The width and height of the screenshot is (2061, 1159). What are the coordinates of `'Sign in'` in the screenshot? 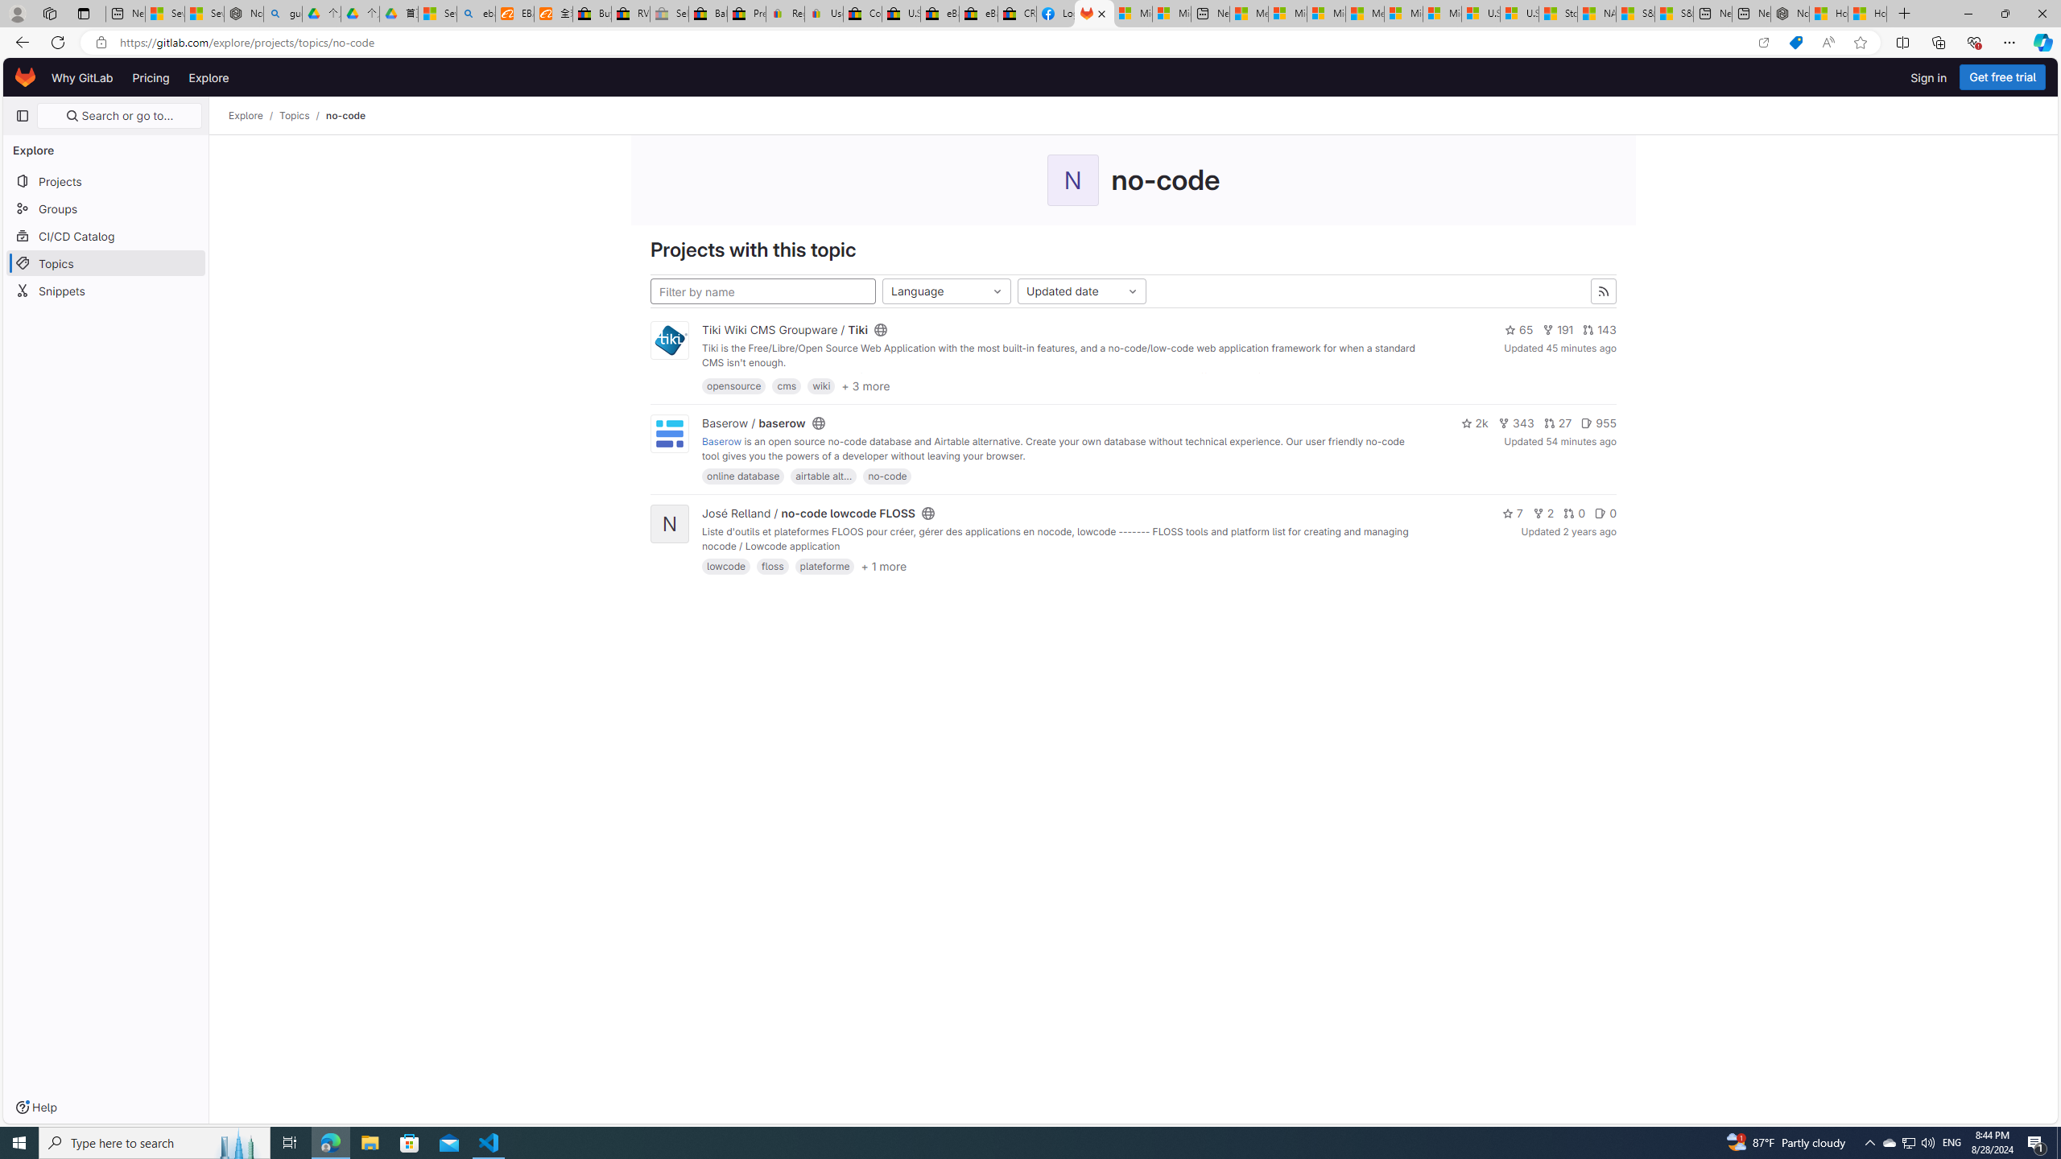 It's located at (1929, 76).